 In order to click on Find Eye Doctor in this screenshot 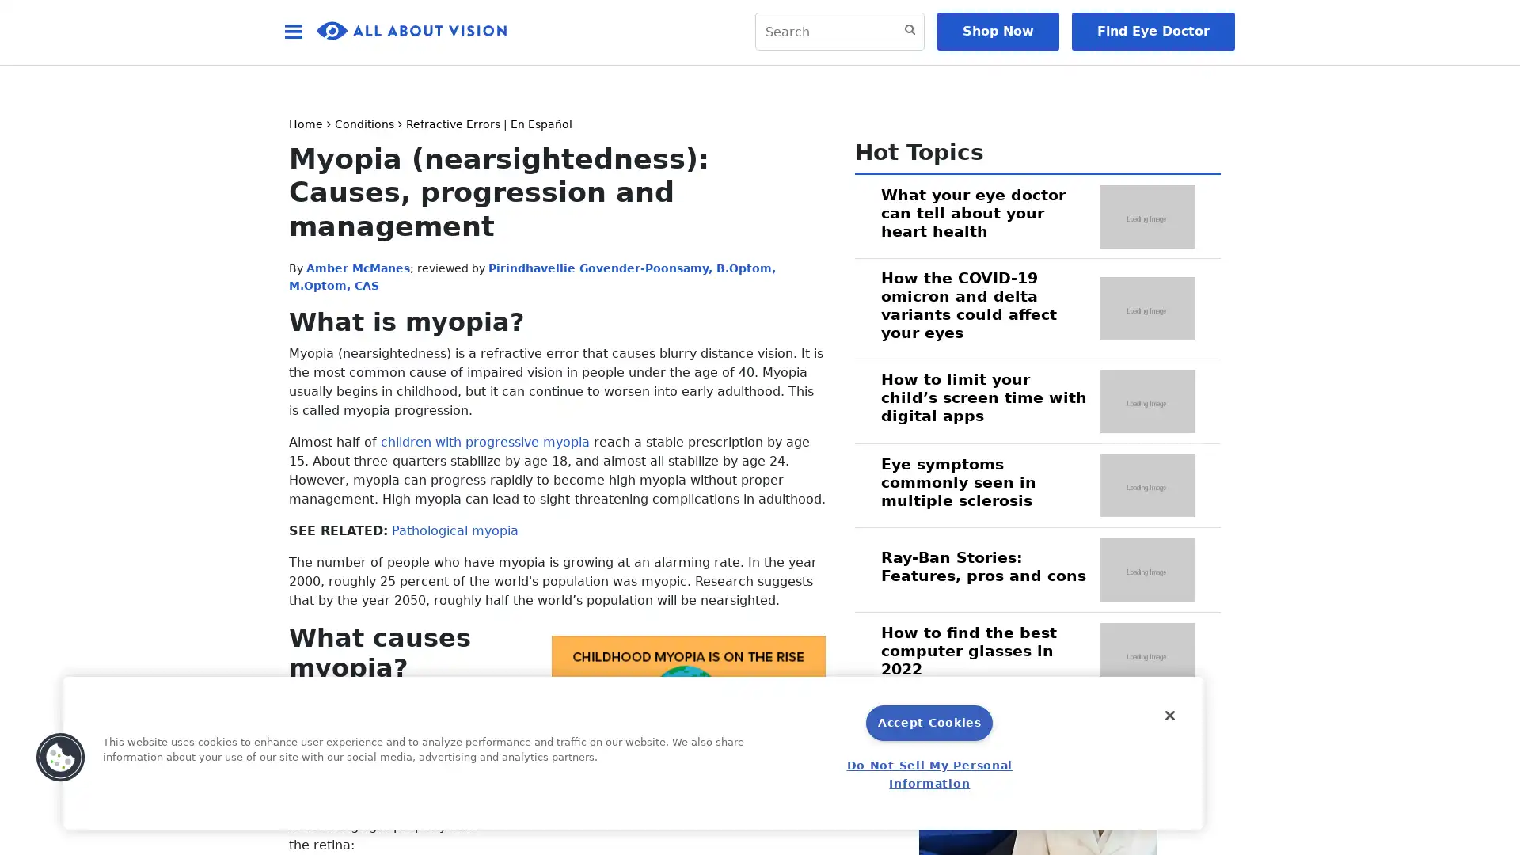, I will do `click(1153, 31)`.